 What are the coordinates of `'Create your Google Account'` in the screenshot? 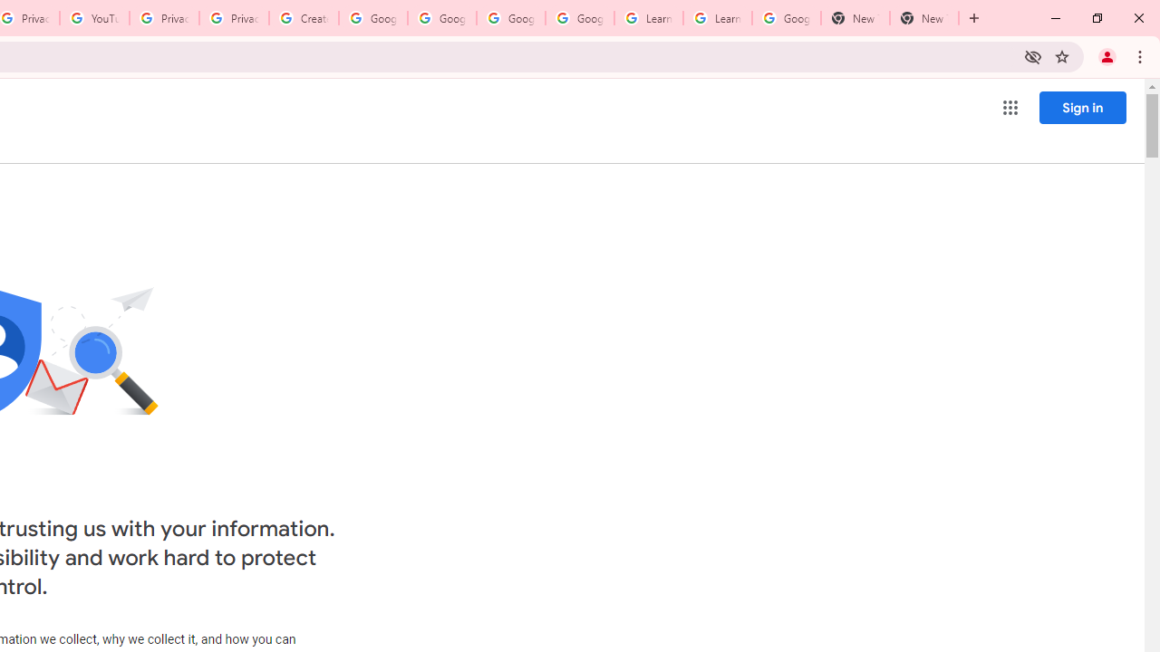 It's located at (304, 18).